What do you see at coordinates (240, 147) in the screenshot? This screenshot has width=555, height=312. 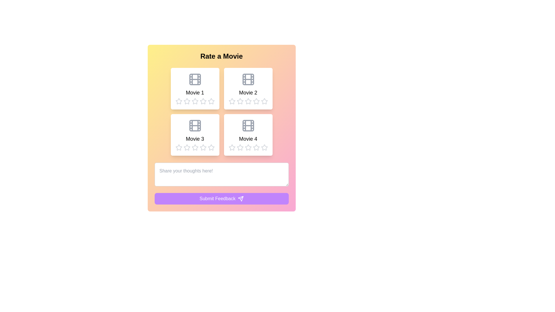 I see `the first star in the five-star rating system under the 'Movie 4' label for keyboard interaction` at bounding box center [240, 147].